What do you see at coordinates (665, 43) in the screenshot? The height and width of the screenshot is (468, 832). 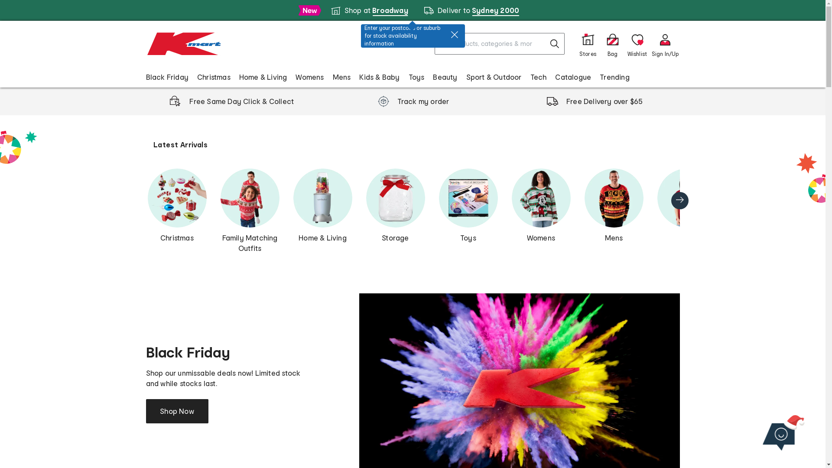 I see `'Sign In/Up'` at bounding box center [665, 43].